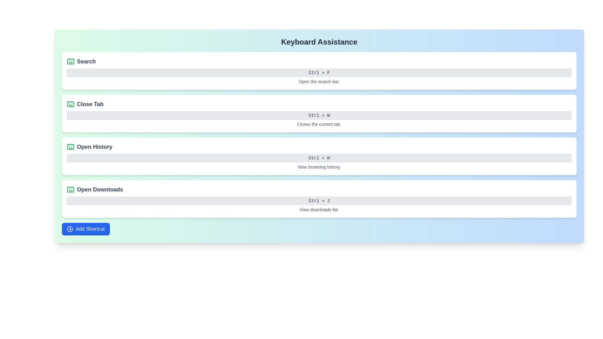 The image size is (603, 339). I want to click on the rectangular background element of the SVG icon, which features rounded corners and is centralized within the icon's layout, so click(71, 189).